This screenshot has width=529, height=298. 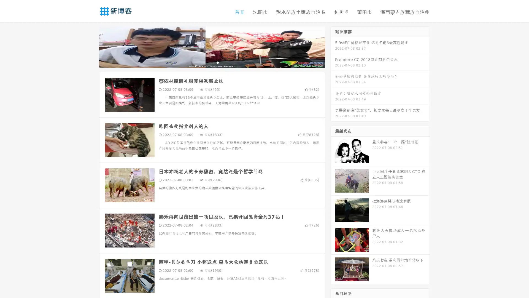 I want to click on Previous slide, so click(x=91, y=46).